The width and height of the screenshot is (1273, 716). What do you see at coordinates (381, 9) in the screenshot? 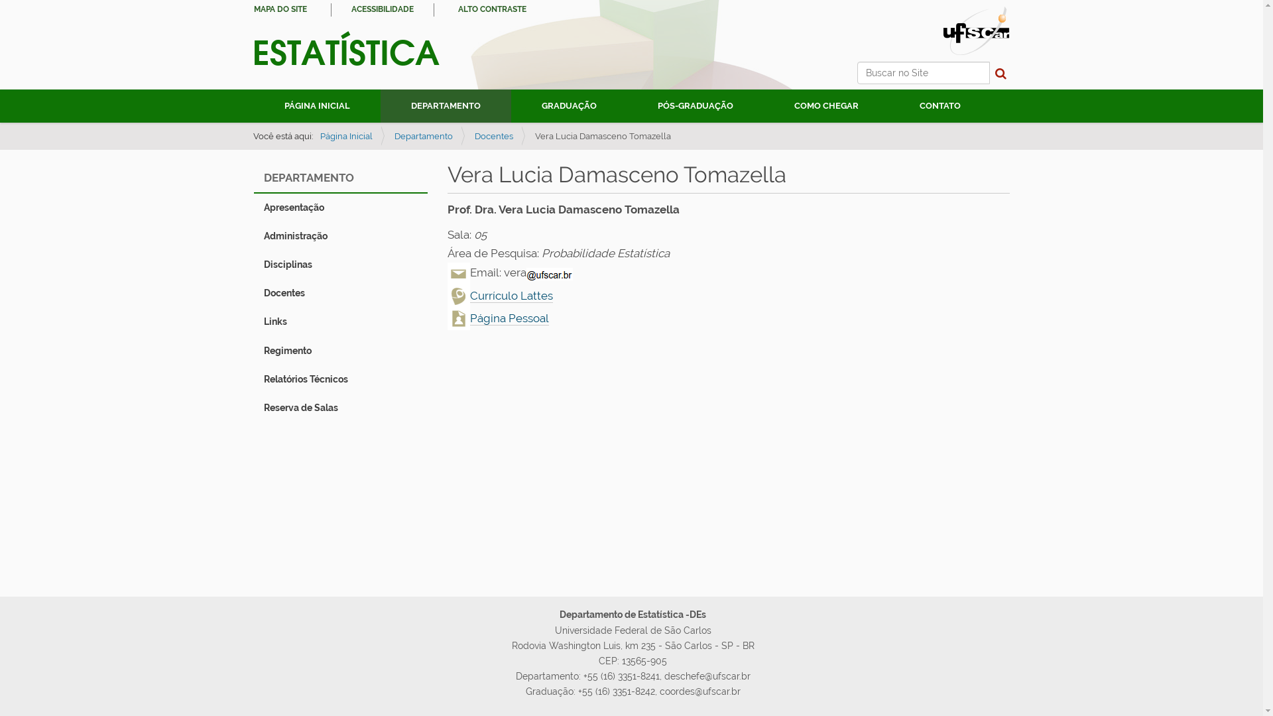
I see `'ACESSIBILIDADE'` at bounding box center [381, 9].